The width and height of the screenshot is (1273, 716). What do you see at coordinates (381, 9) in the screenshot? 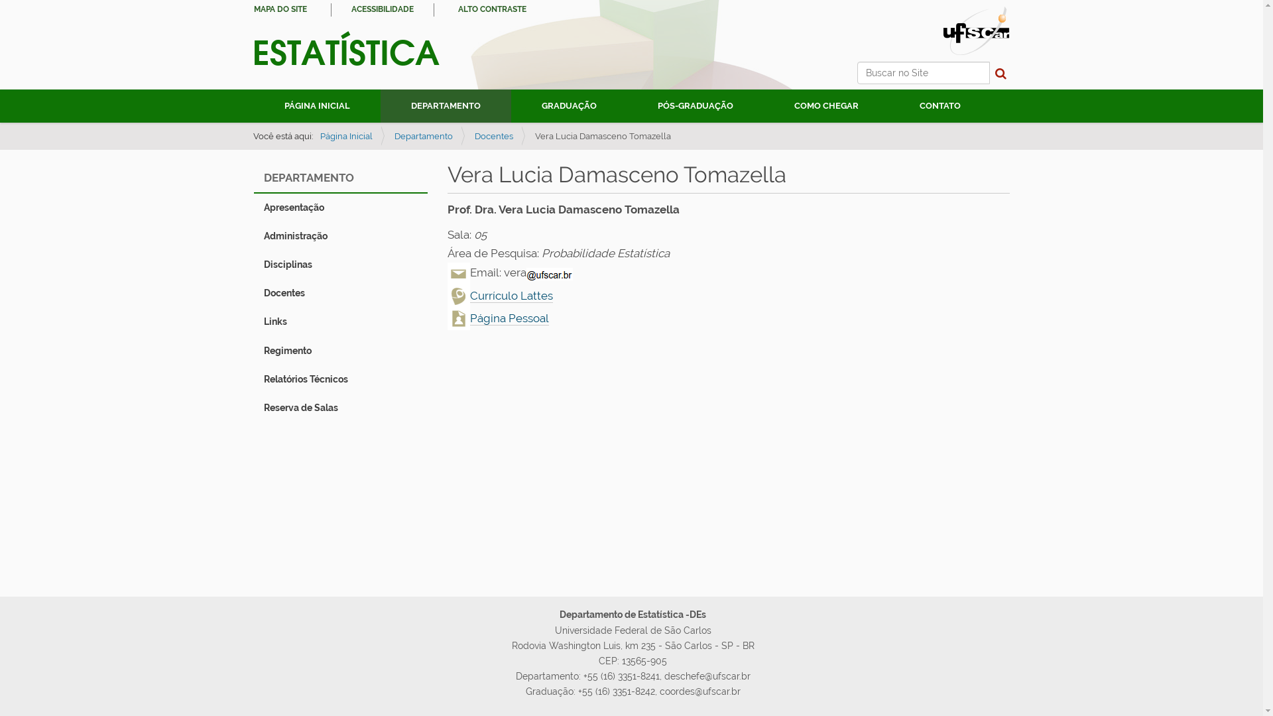
I see `'ACESSIBILIDADE'` at bounding box center [381, 9].